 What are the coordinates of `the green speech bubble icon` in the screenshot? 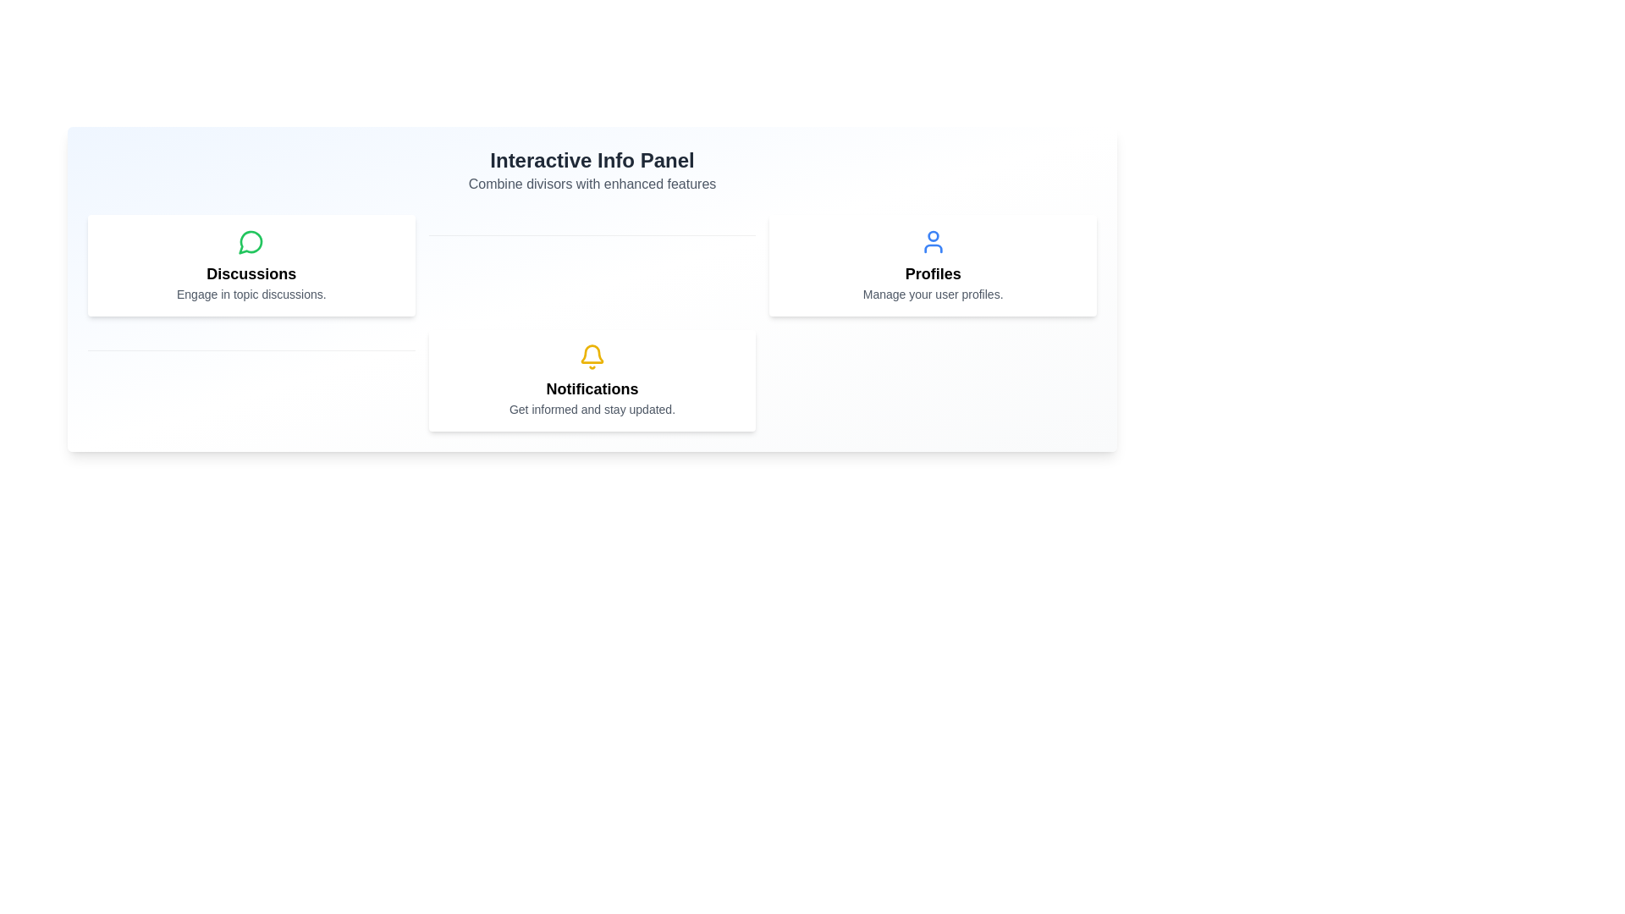 It's located at (251, 241).